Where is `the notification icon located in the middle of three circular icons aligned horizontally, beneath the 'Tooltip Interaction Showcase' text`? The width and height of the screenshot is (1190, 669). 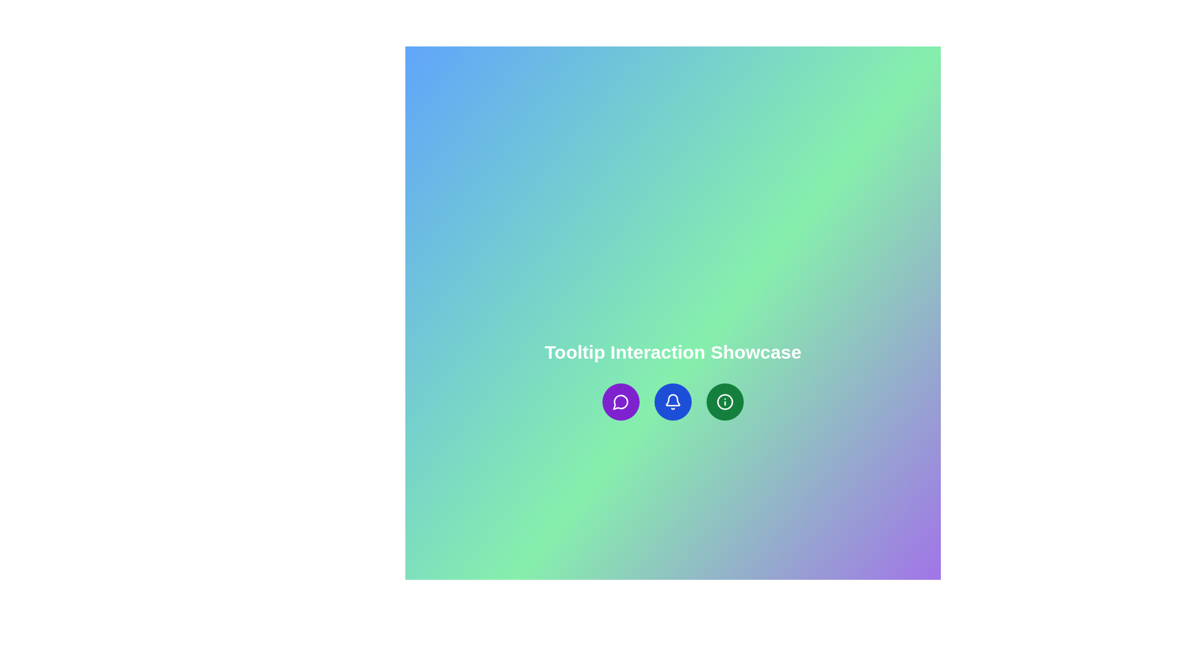 the notification icon located in the middle of three circular icons aligned horizontally, beneath the 'Tooltip Interaction Showcase' text is located at coordinates (672, 401).